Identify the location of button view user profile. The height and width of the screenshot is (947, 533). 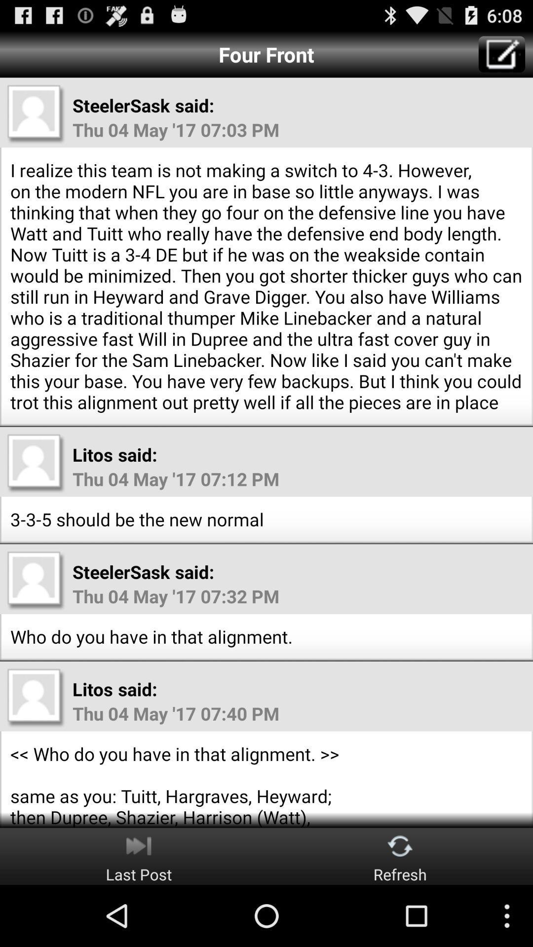
(36, 697).